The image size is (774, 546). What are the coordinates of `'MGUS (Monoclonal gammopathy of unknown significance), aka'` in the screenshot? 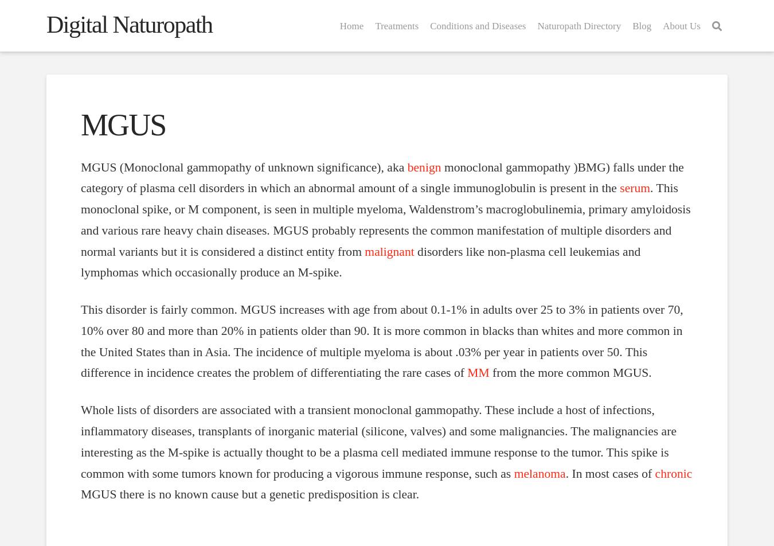 It's located at (244, 167).